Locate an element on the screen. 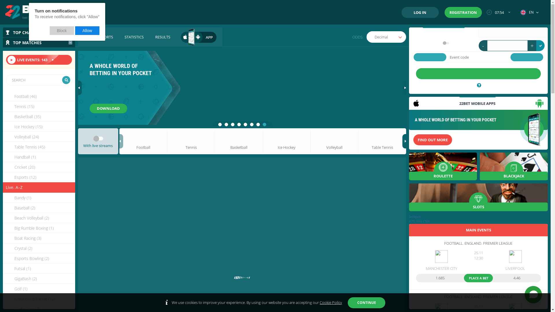  'Volleyball' is located at coordinates (334, 141).